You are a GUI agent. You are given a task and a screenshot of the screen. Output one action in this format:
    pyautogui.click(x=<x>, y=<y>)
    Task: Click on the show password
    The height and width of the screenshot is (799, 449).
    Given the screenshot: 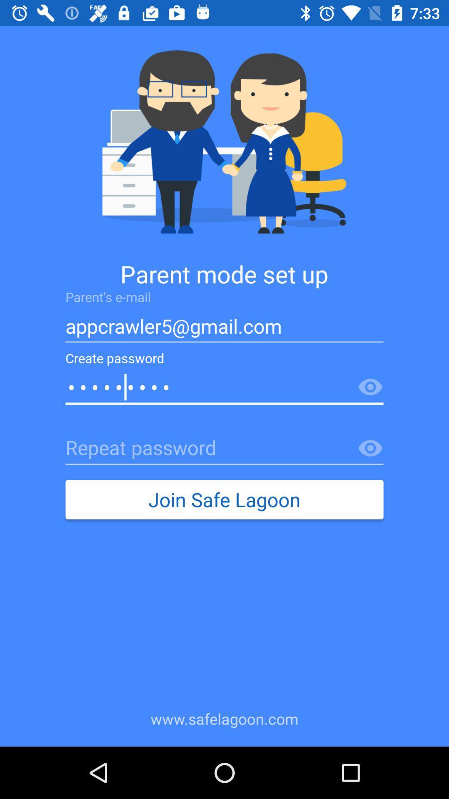 What is the action you would take?
    pyautogui.click(x=370, y=387)
    